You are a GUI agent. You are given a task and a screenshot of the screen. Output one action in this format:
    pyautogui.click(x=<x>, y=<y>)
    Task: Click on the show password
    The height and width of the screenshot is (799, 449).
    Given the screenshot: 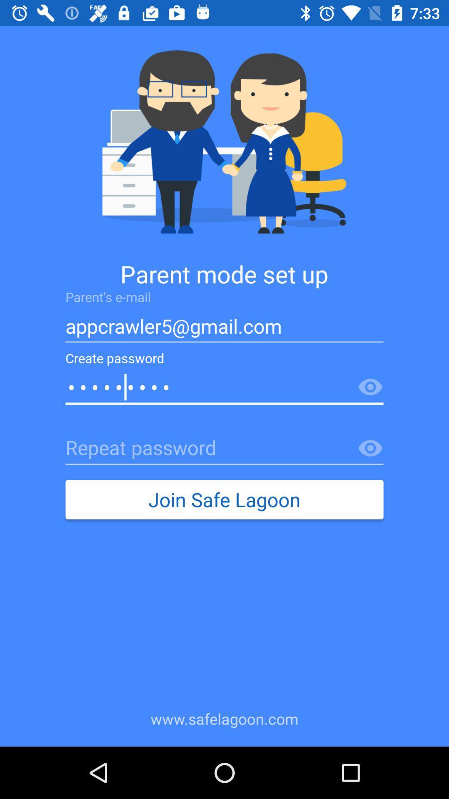 What is the action you would take?
    pyautogui.click(x=370, y=387)
    